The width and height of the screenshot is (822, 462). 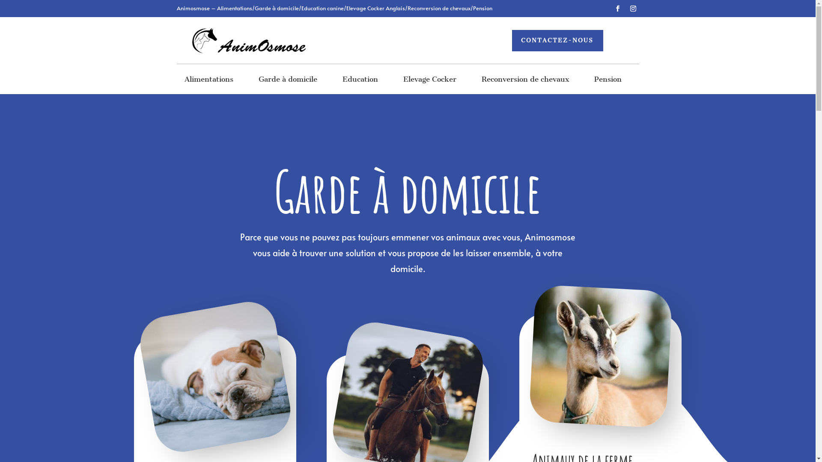 I want to click on 'Elevage Cocker', so click(x=429, y=81).